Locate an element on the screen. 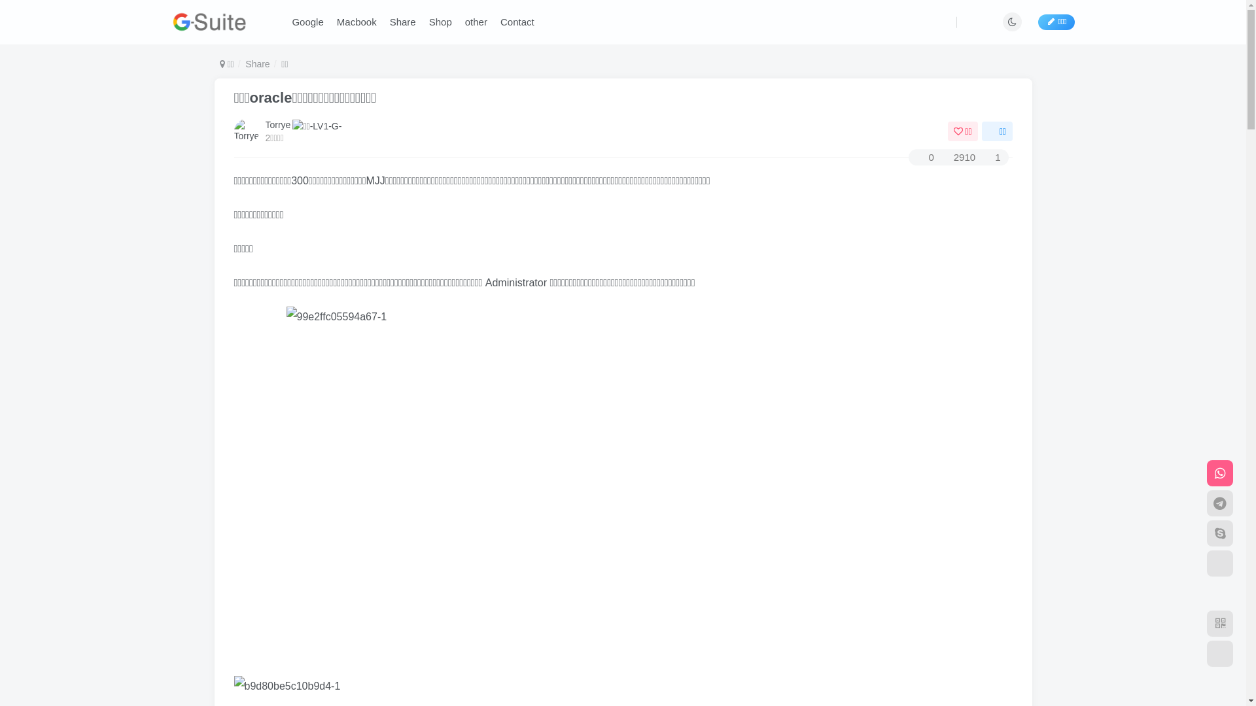 The width and height of the screenshot is (1256, 706). 'other' is located at coordinates (476, 22).